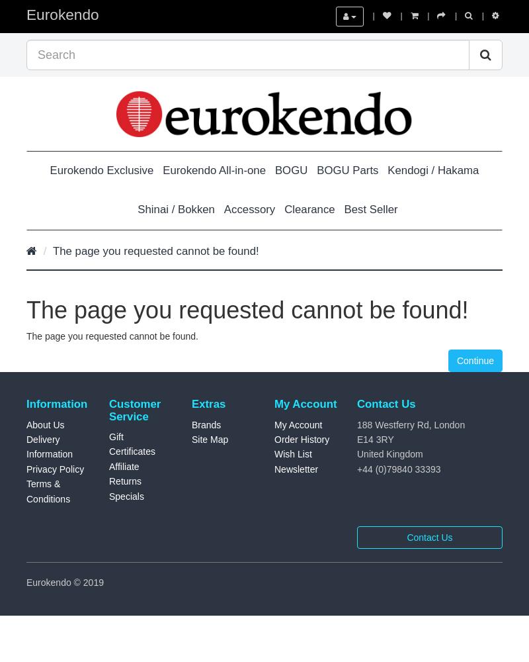 The width and height of the screenshot is (529, 662). I want to click on '+44 (0)79840 33393', so click(399, 468).